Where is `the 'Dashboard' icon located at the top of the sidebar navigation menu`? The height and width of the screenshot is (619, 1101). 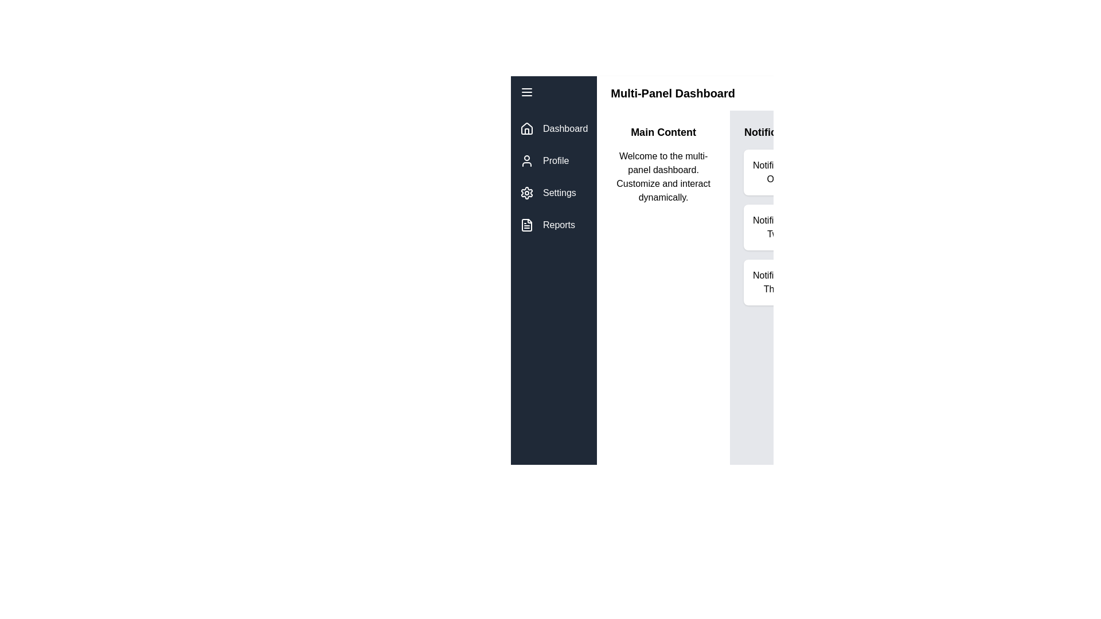
the 'Dashboard' icon located at the top of the sidebar navigation menu is located at coordinates (526, 128).